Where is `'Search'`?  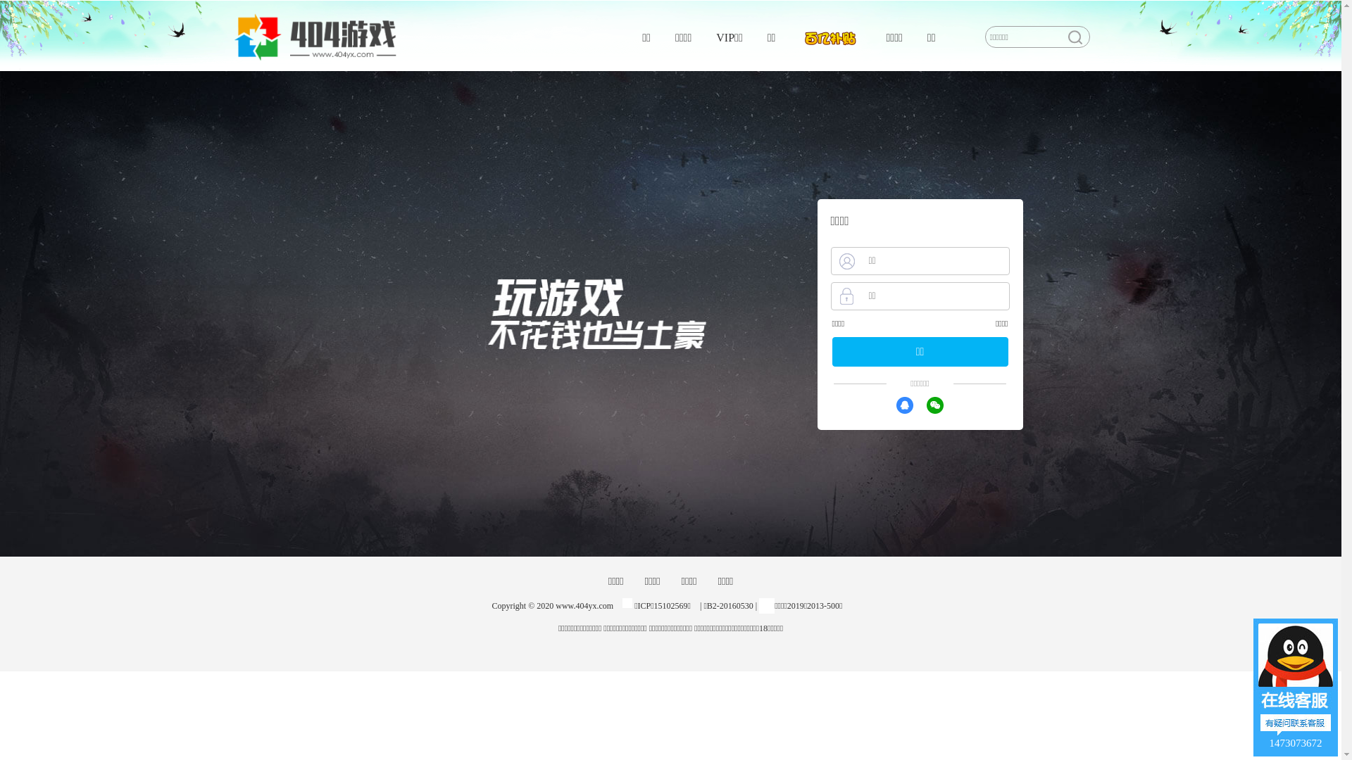 'Search' is located at coordinates (1074, 37).